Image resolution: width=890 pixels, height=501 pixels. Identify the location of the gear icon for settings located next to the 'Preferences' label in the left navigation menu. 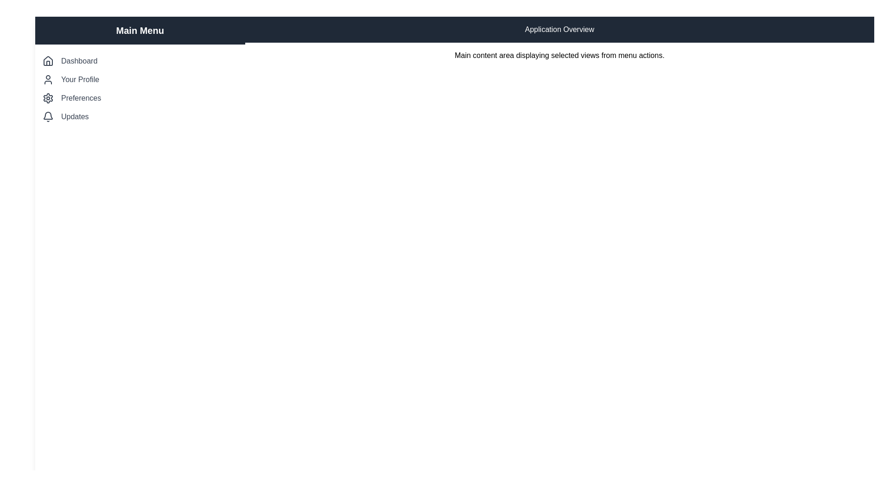
(48, 98).